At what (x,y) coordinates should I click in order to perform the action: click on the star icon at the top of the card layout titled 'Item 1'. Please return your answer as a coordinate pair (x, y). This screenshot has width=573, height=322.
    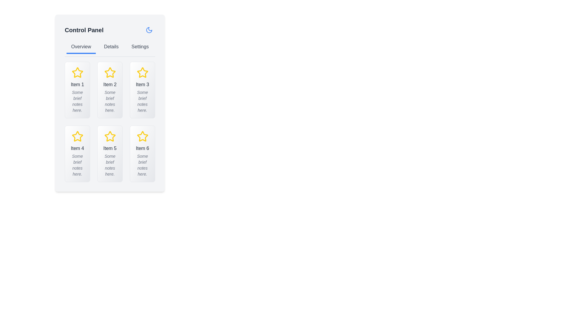
    Looking at the image, I should click on (77, 72).